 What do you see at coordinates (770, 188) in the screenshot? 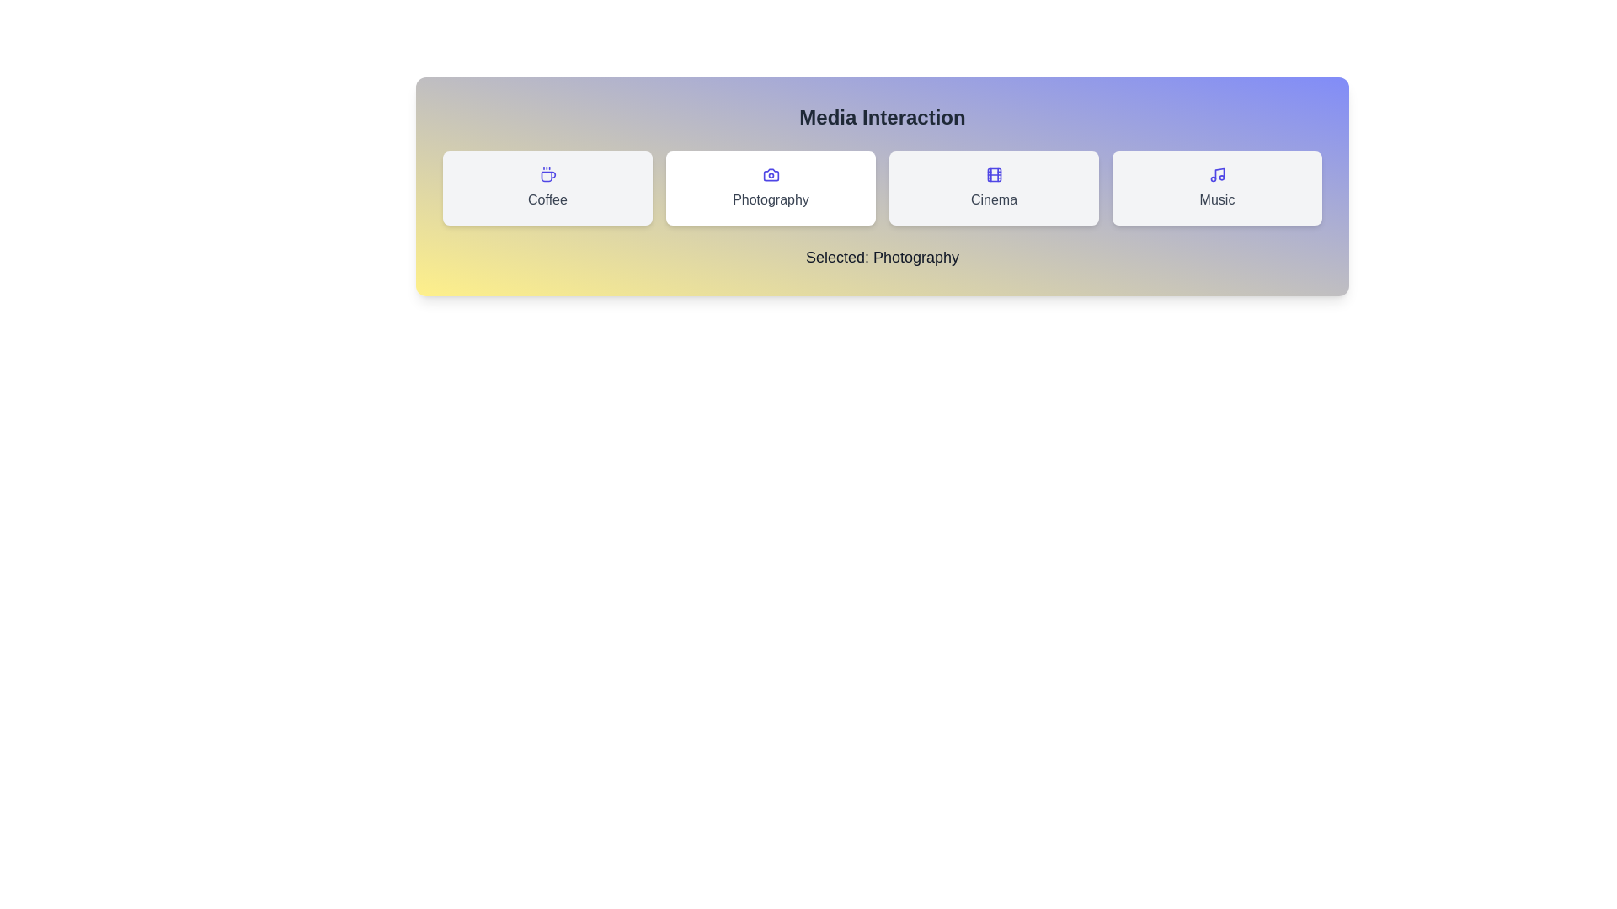
I see `the selectable button labeled 'Photography' with a camera icon, which is styled with a white background and blue border` at bounding box center [770, 188].